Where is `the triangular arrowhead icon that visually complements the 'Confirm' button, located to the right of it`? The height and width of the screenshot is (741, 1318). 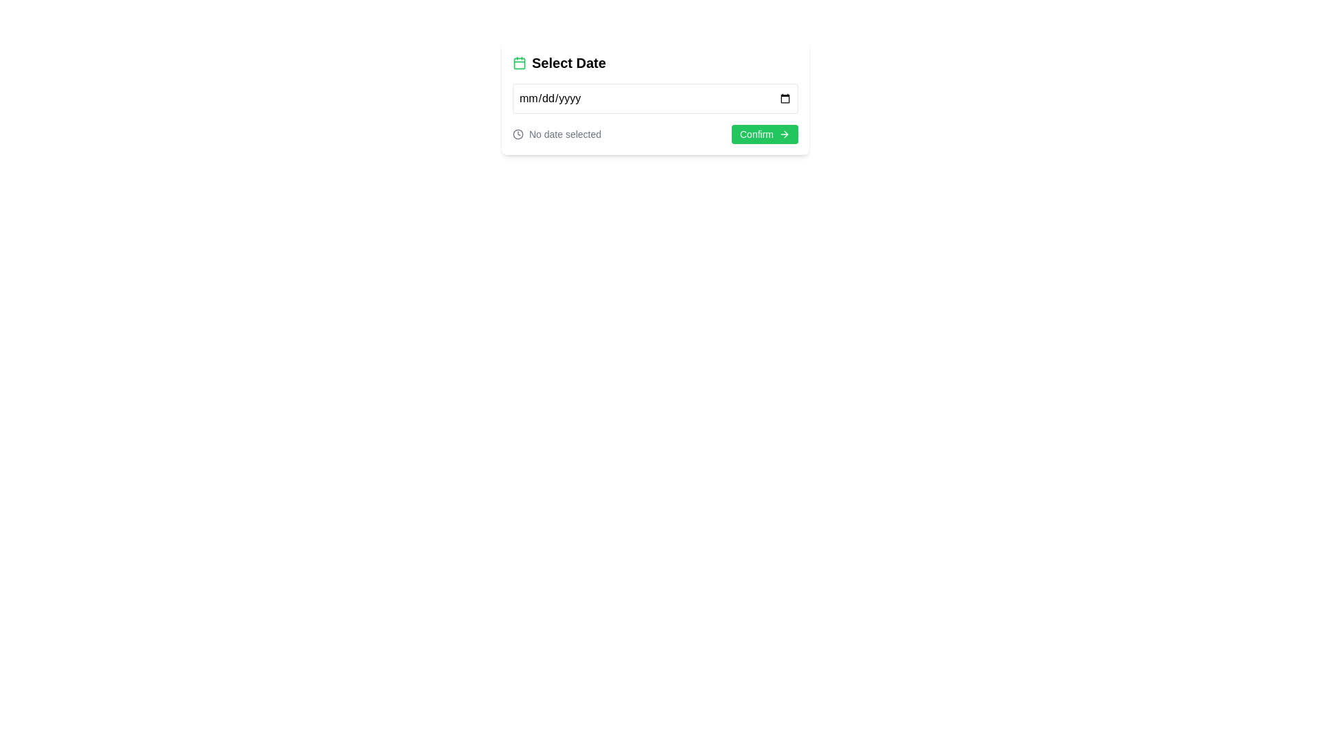 the triangular arrowhead icon that visually complements the 'Confirm' button, located to the right of it is located at coordinates (786, 134).